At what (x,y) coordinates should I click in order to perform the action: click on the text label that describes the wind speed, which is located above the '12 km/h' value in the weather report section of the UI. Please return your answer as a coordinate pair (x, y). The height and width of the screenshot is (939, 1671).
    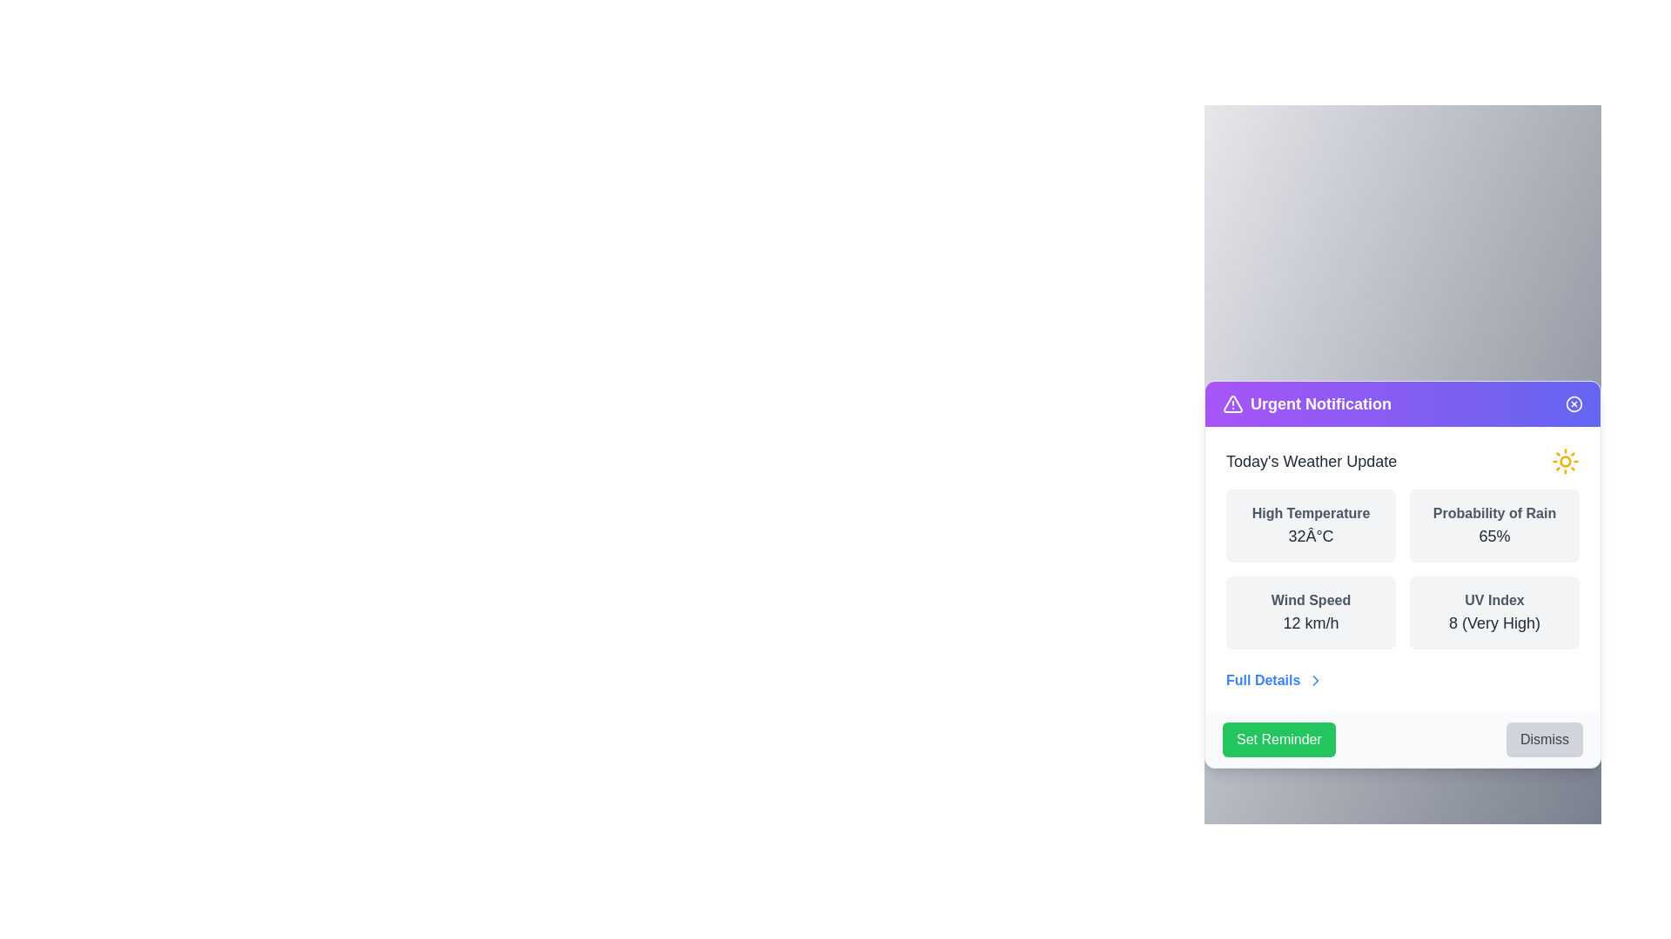
    Looking at the image, I should click on (1311, 599).